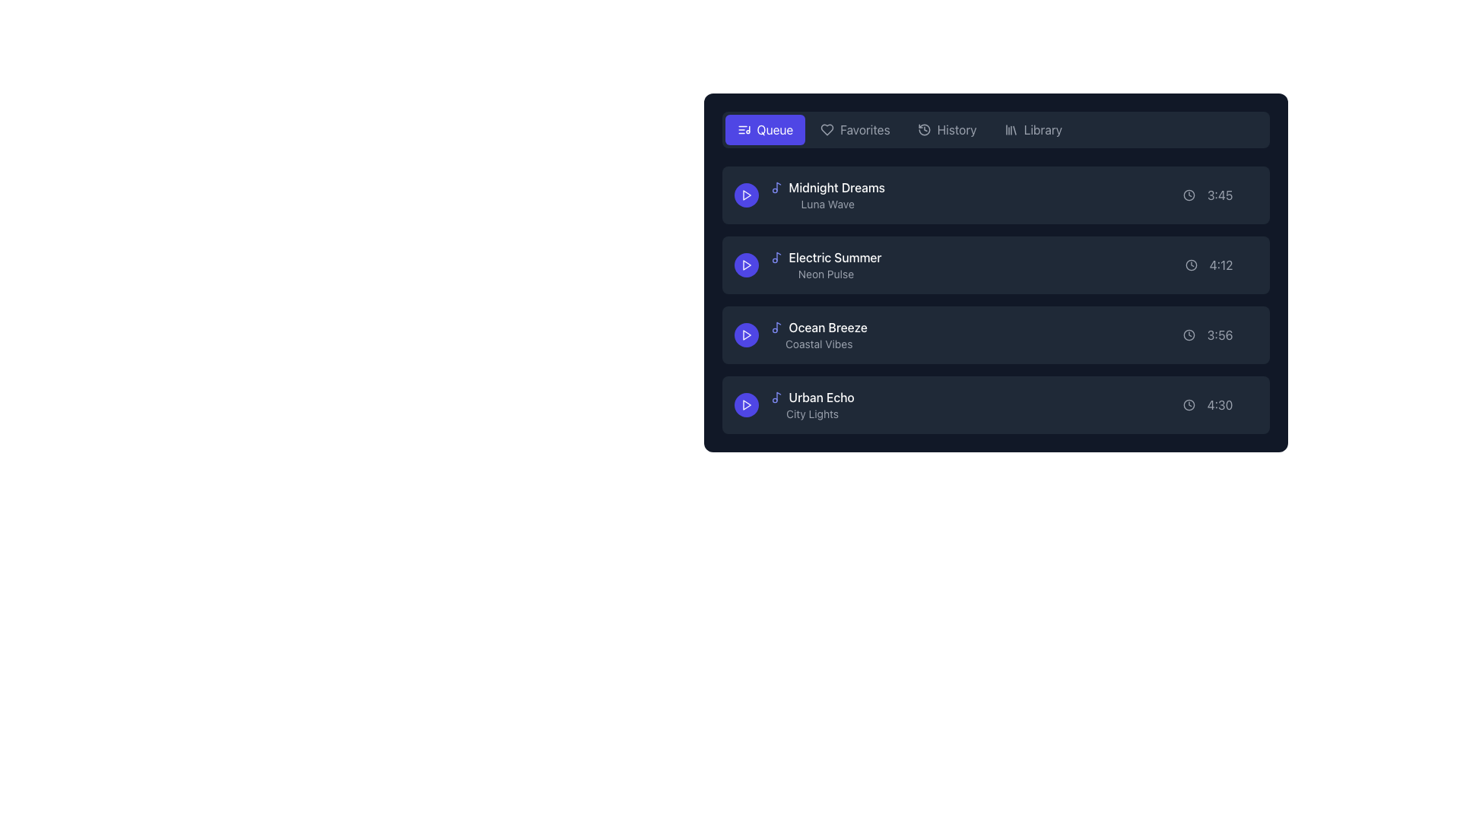 This screenshot has width=1460, height=821. What do you see at coordinates (855, 128) in the screenshot?
I see `the Favorites button, which is the second button in a horizontal list of four, positioned between the Queue and History buttons` at bounding box center [855, 128].